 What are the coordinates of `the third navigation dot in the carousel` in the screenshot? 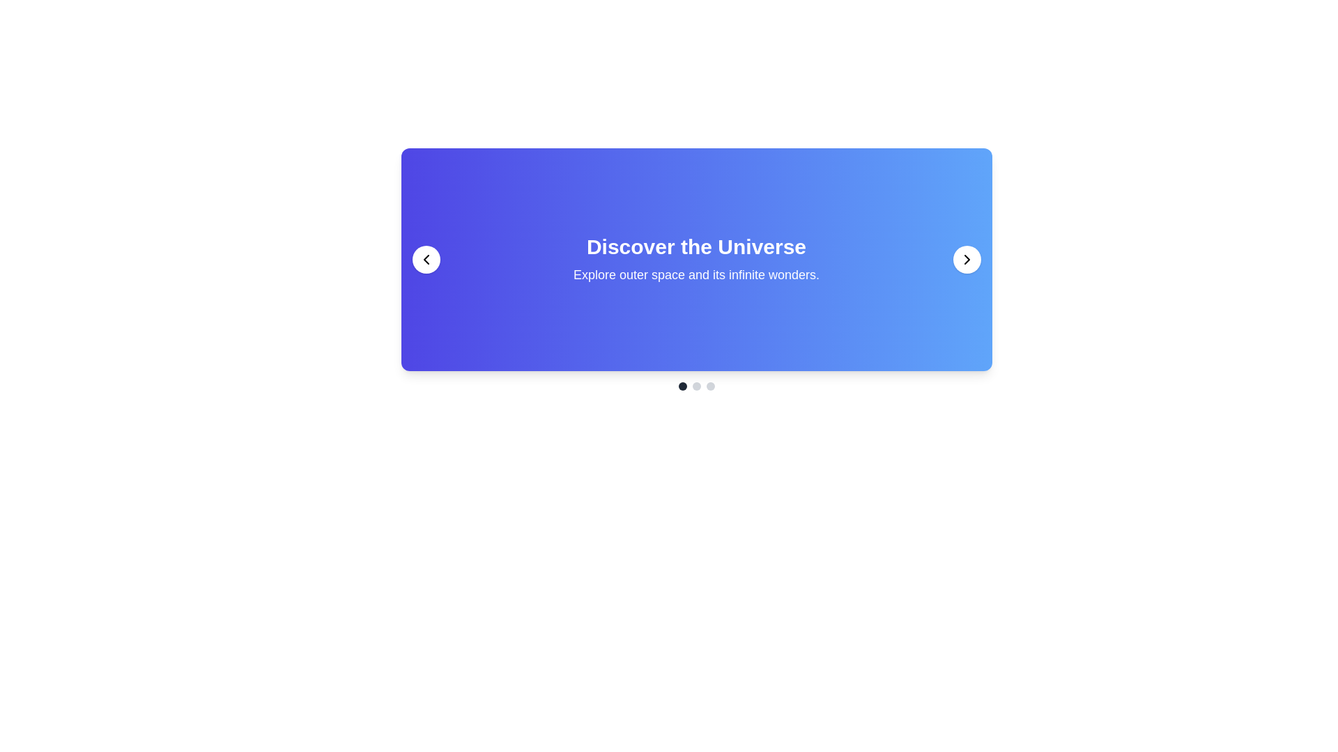 It's located at (710, 386).